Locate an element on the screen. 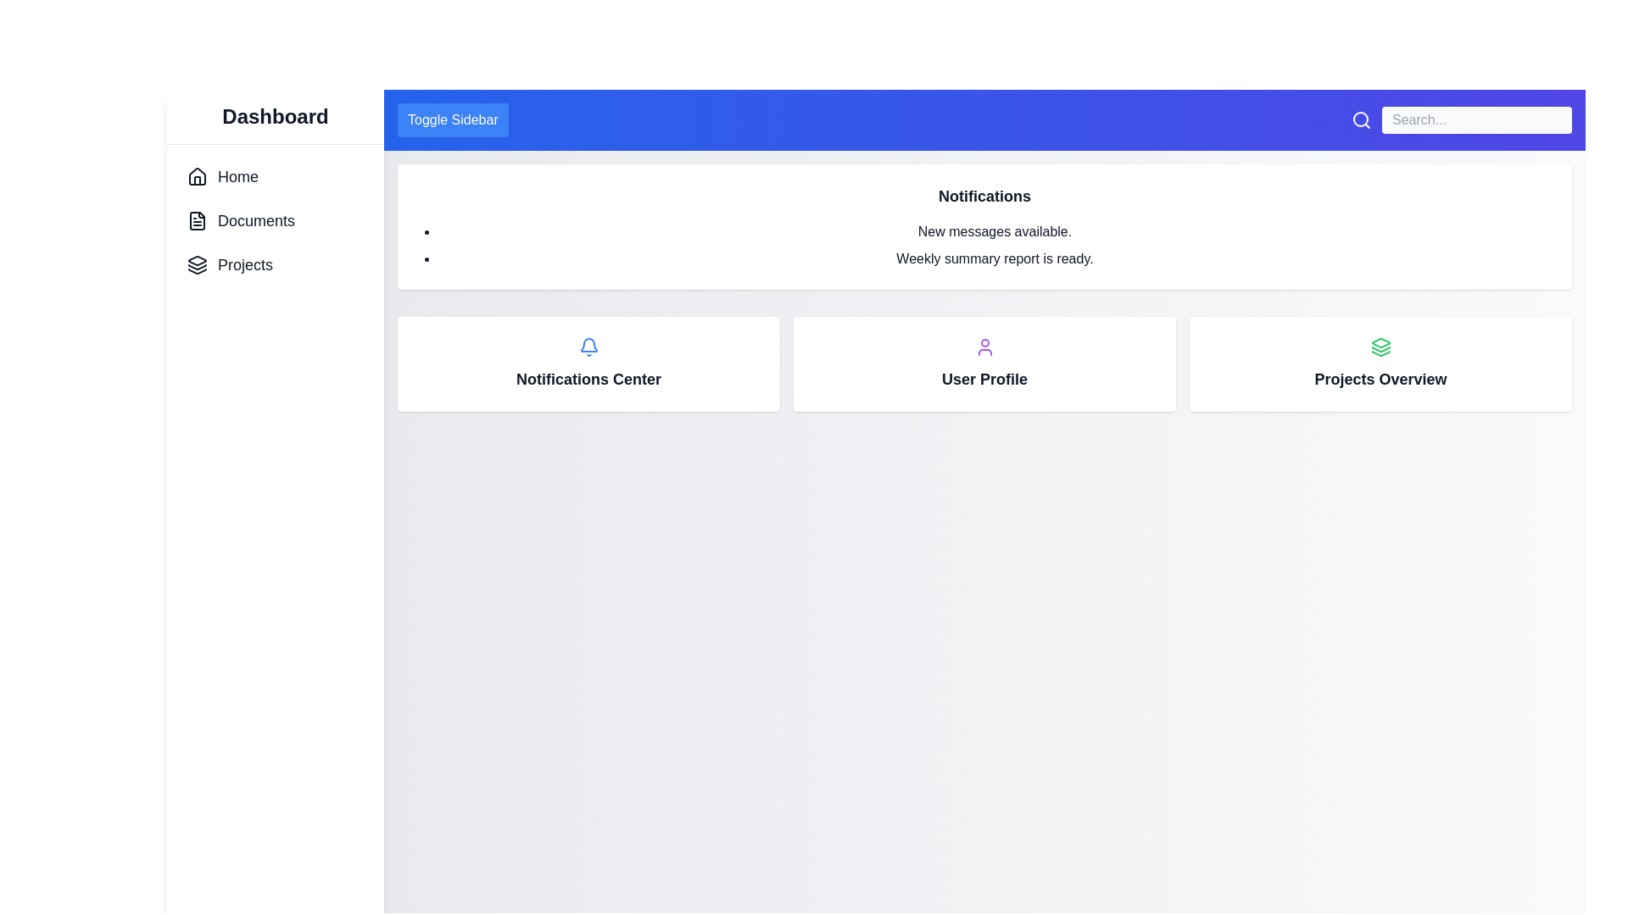 This screenshot has width=1628, height=915. the third graphical triangular icon in the sidebar menu that corresponds to the 'Projects' label is located at coordinates (198, 270).